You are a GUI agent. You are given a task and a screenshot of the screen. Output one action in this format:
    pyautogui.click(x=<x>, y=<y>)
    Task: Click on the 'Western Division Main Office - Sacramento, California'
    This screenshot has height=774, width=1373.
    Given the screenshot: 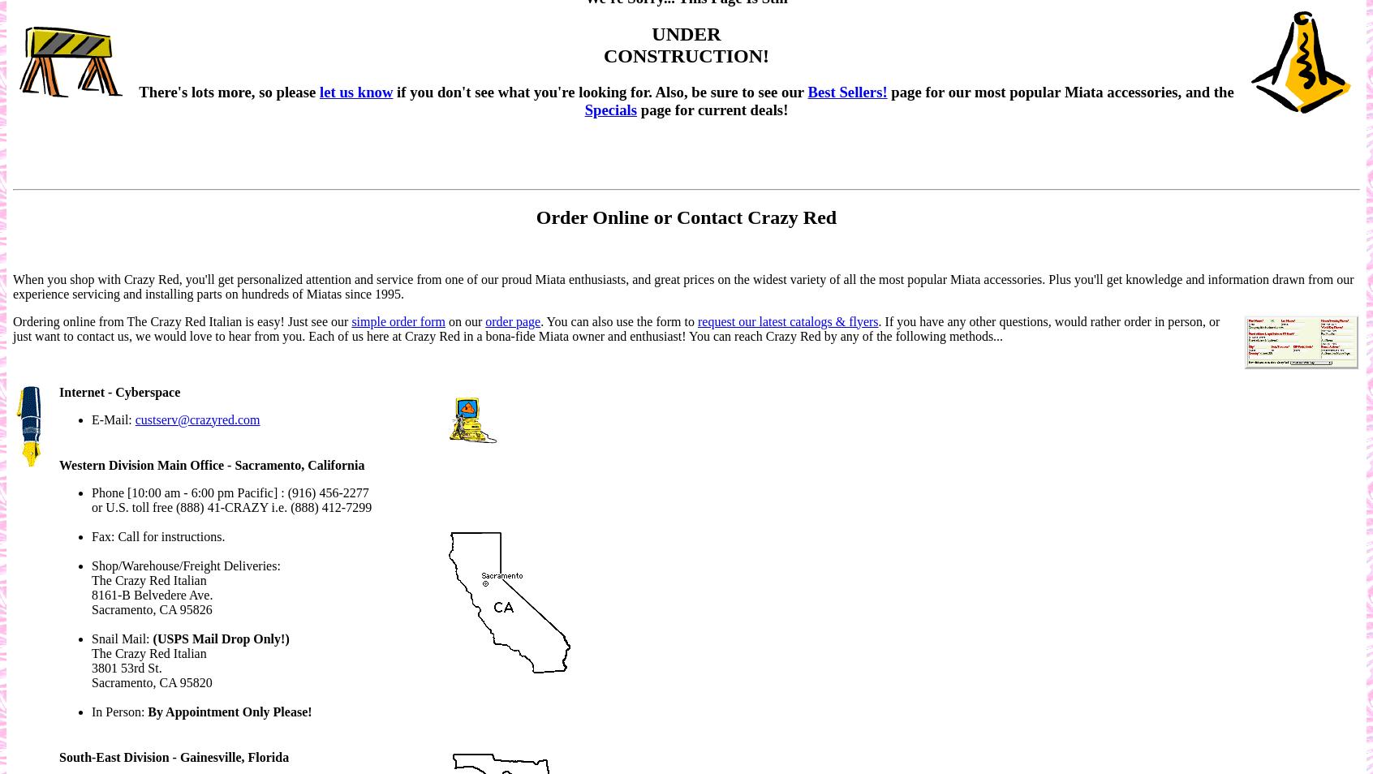 What is the action you would take?
    pyautogui.click(x=212, y=463)
    